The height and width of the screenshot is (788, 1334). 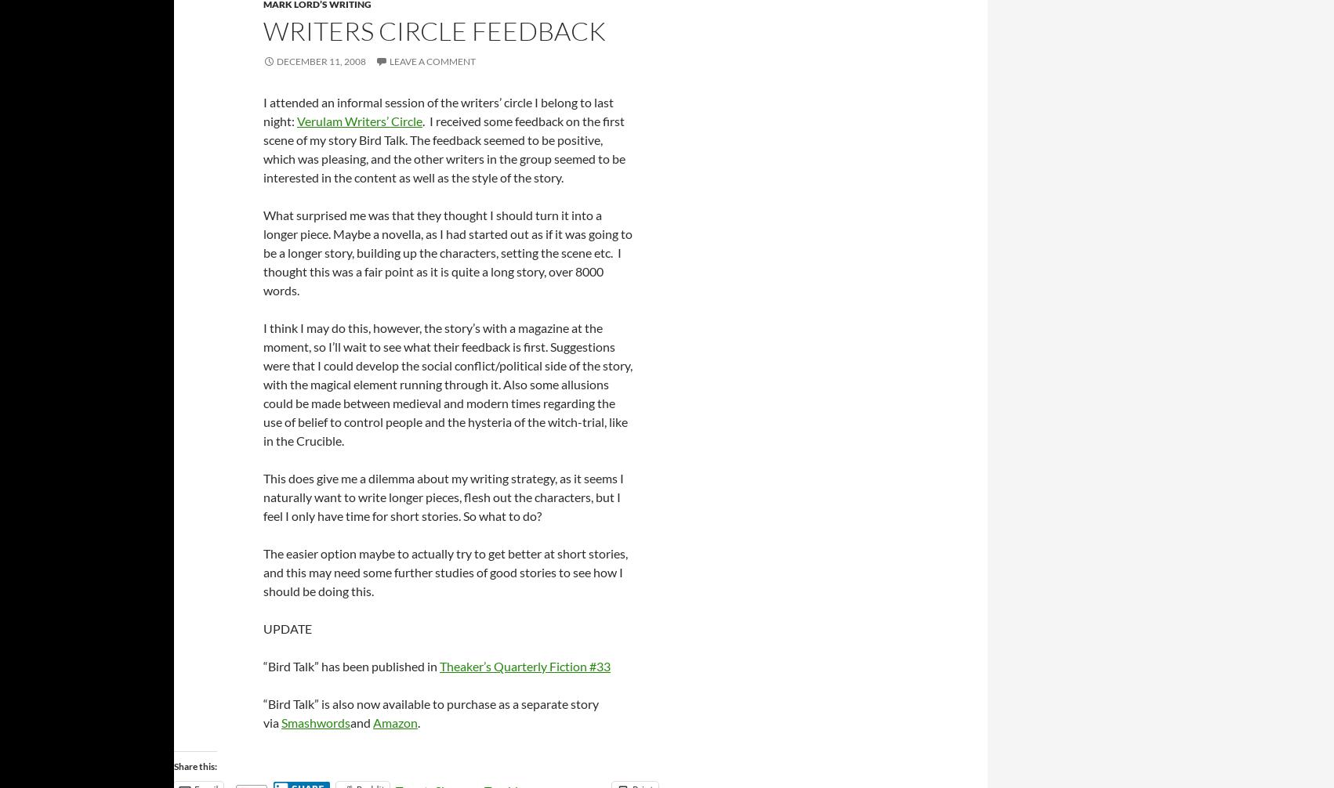 What do you see at coordinates (263, 251) in the screenshot?
I see `'What surprised me was that they thought I should turn it into a longer piece. Maybe a novella, as I had started out as if it was going to be a longer story, building up the characters, setting the scene etc.  I thought this was a fair point as it is quite a long story, over 8000 words.'` at bounding box center [263, 251].